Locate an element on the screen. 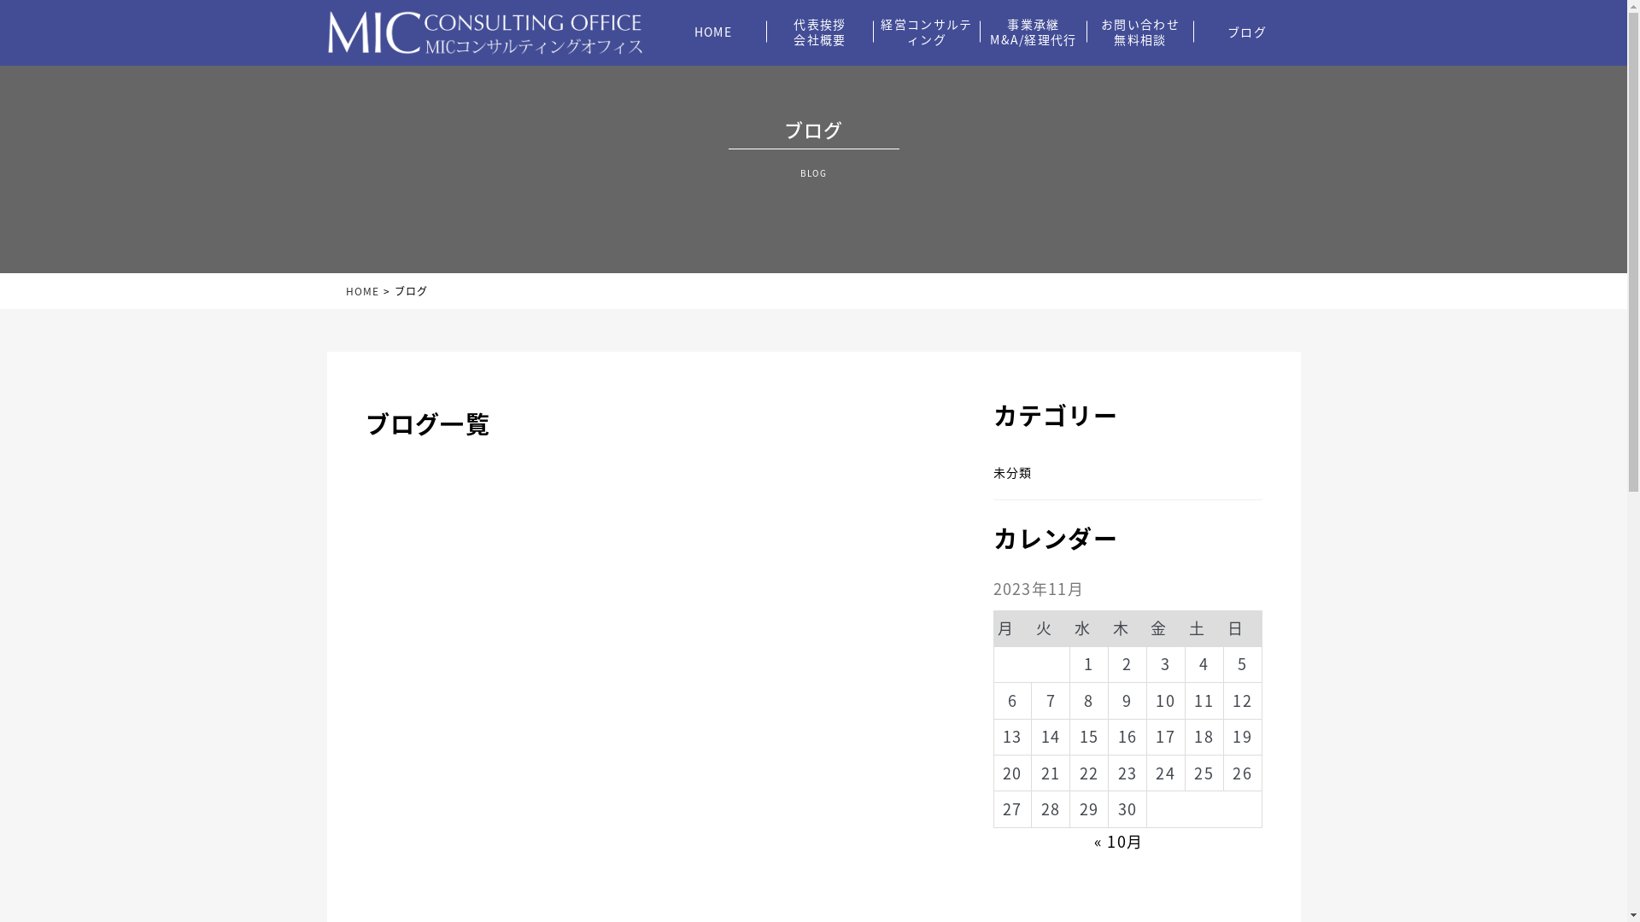 The image size is (1640, 922). 'HOME' is located at coordinates (326, 289).